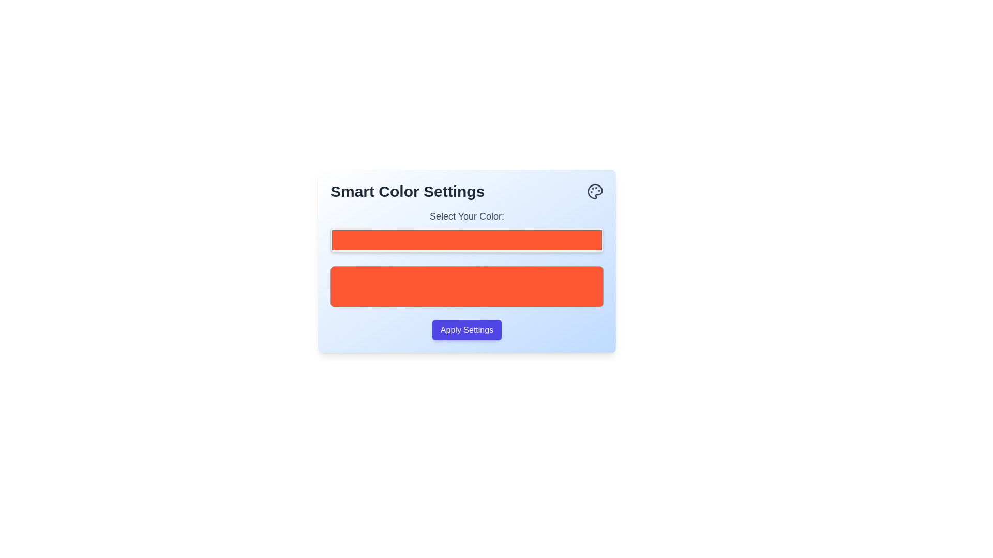 The image size is (993, 558). I want to click on the display panel that reflects the chosen color, located below the color selector and above the 'Apply Settings' button, so click(466, 287).